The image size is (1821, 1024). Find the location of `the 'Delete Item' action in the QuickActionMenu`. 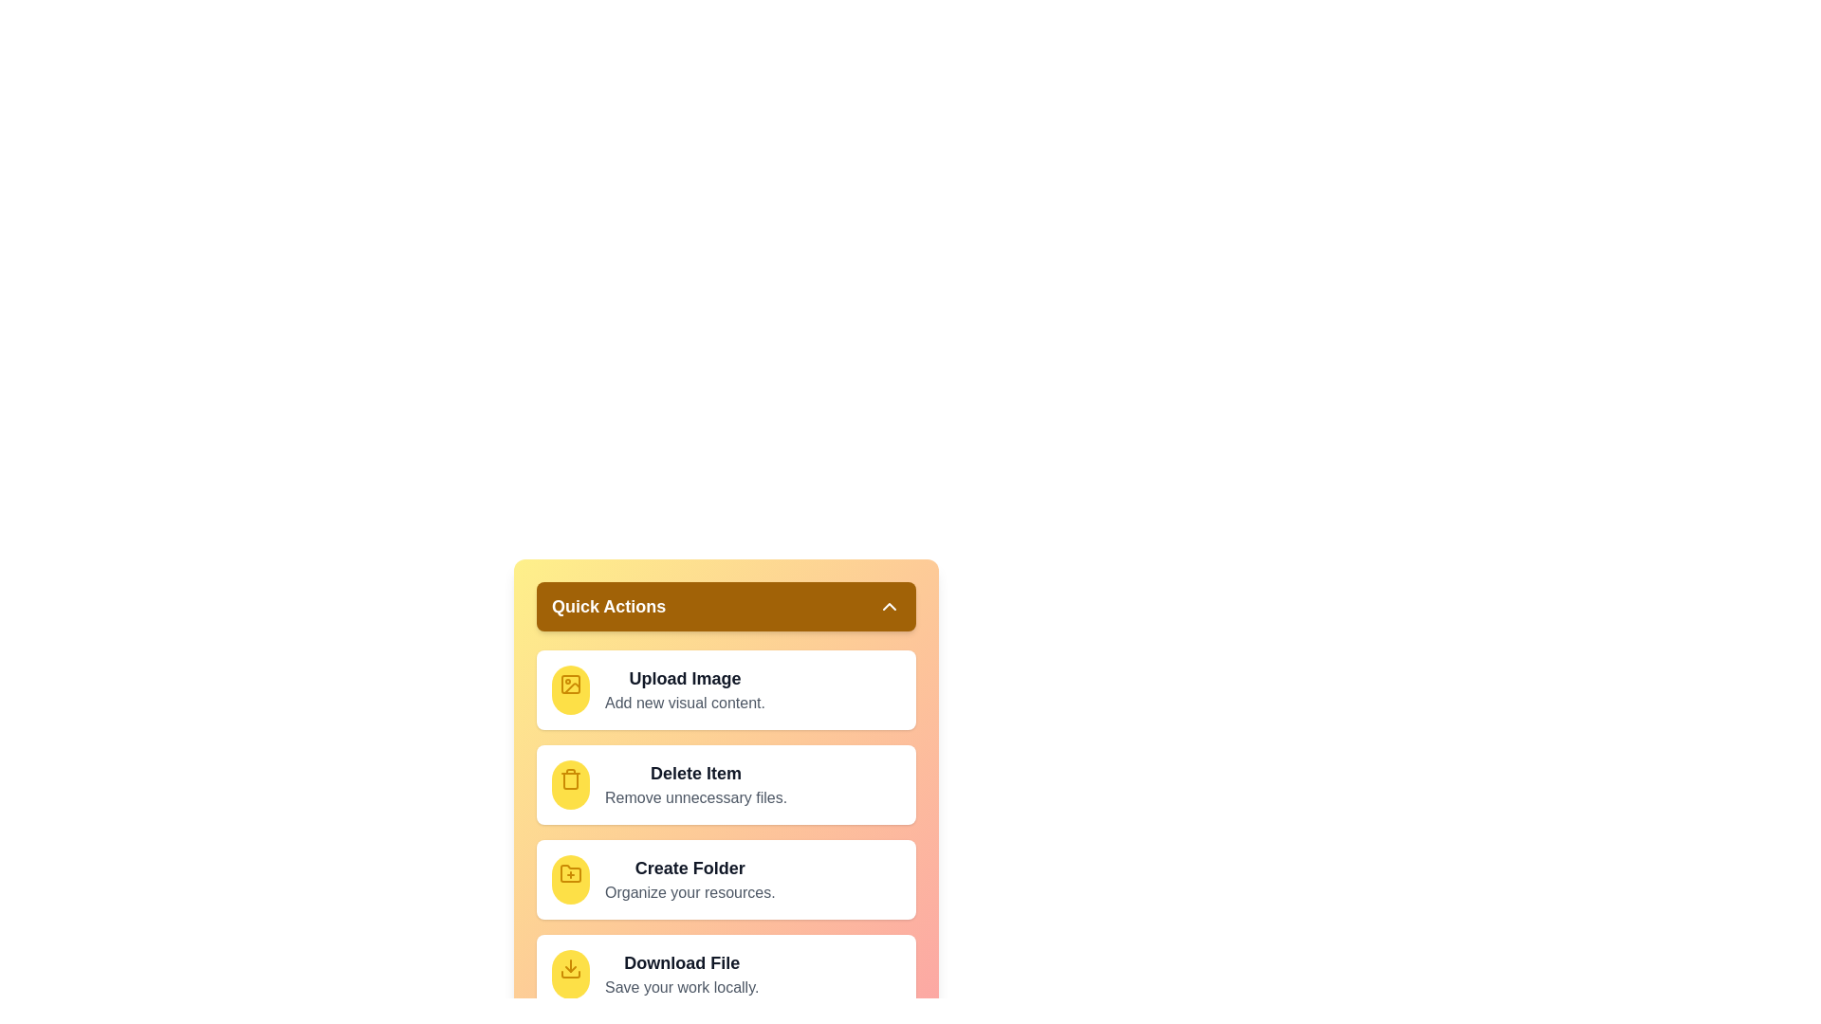

the 'Delete Item' action in the QuickActionMenu is located at coordinates (695, 785).